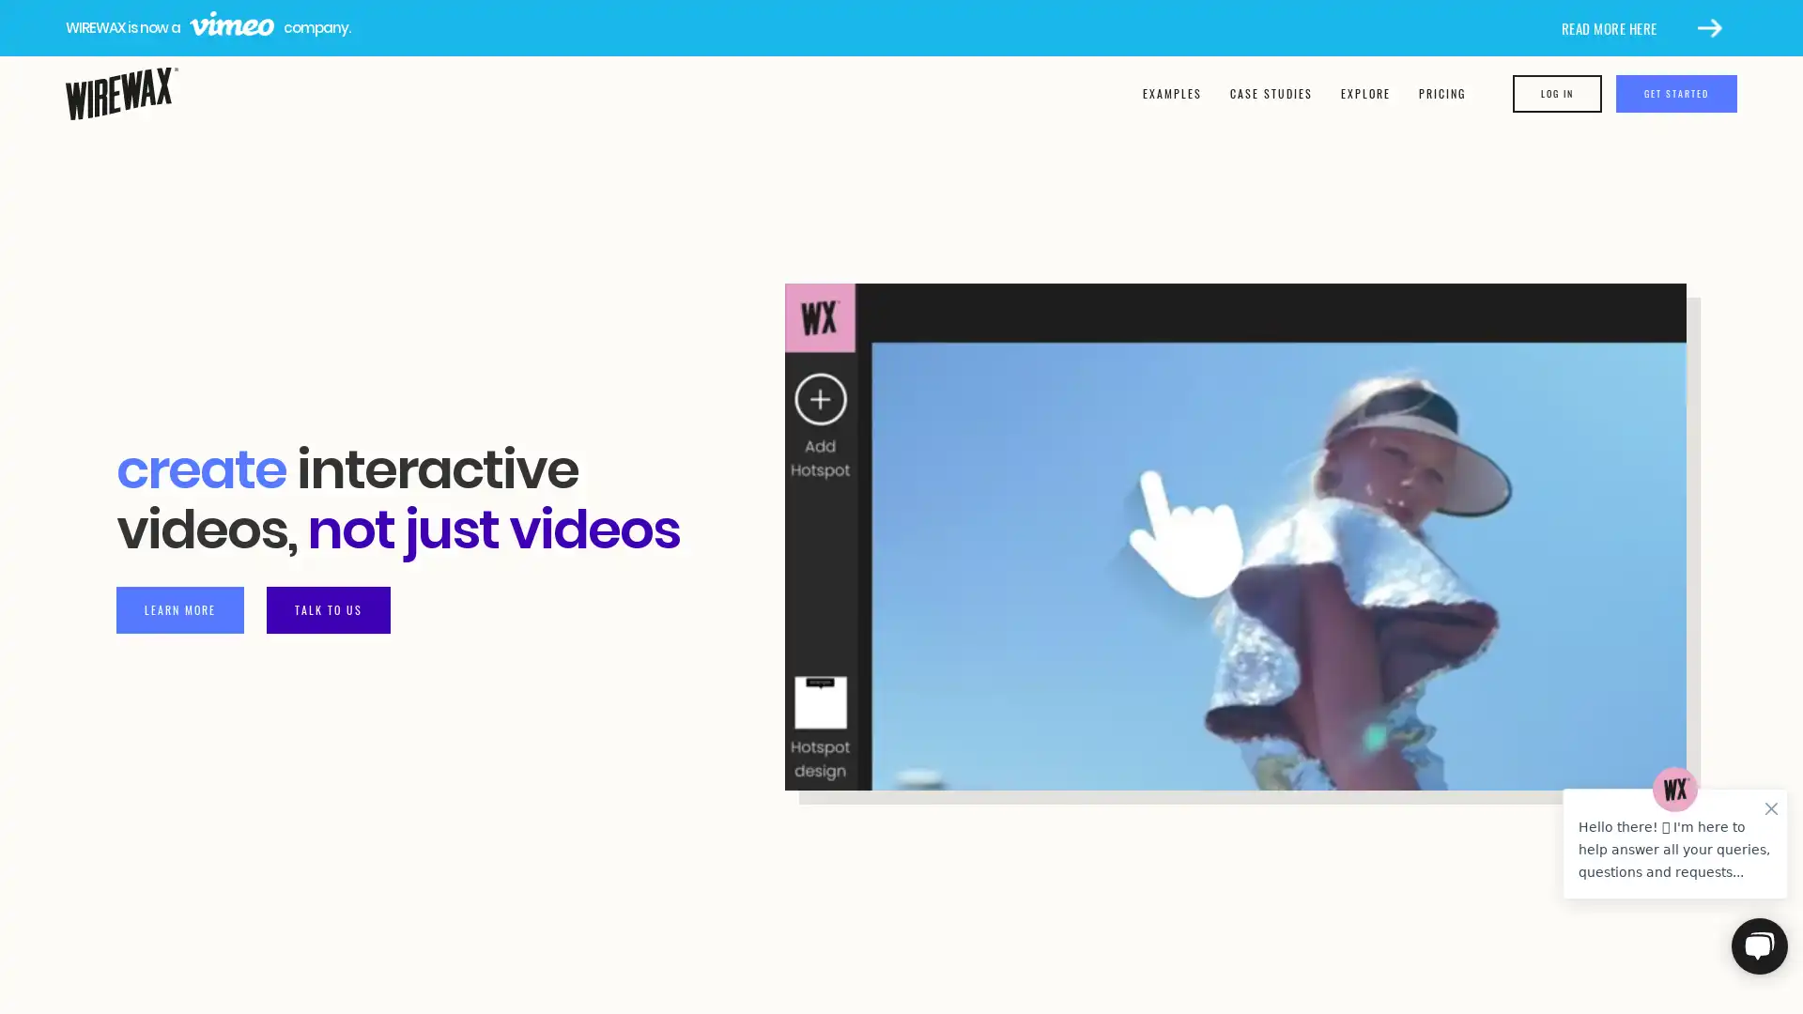  What do you see at coordinates (1676, 94) in the screenshot?
I see `GET STARTED` at bounding box center [1676, 94].